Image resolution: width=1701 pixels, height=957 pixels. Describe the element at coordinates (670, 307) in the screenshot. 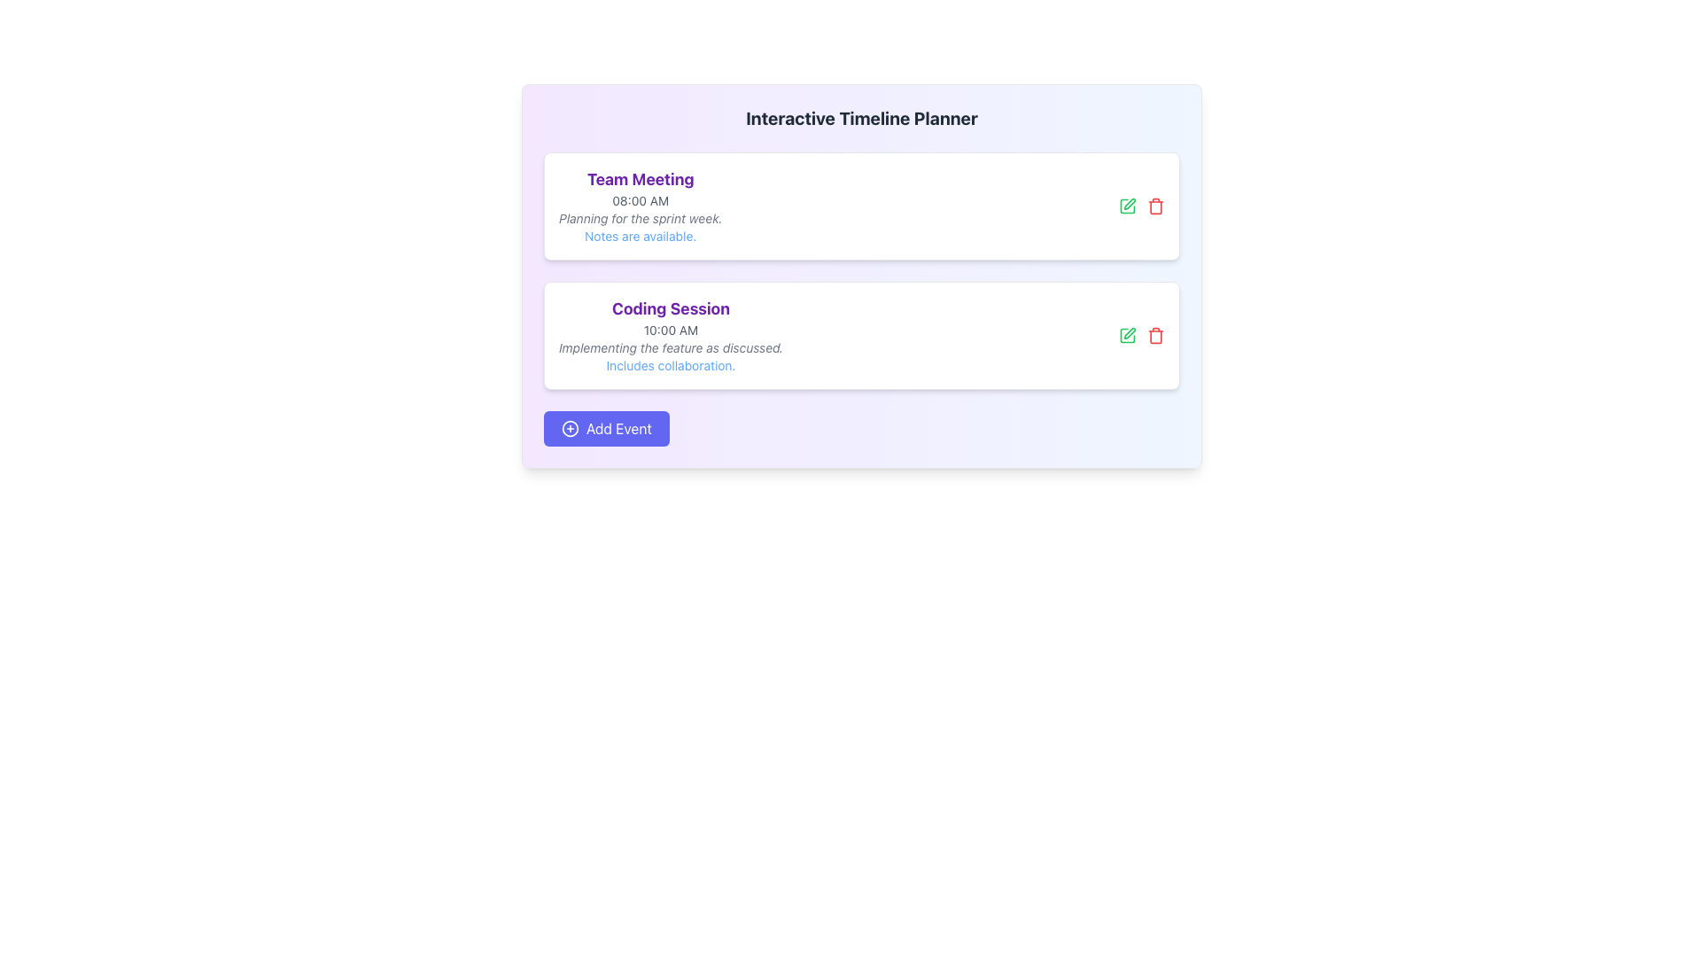

I see `the Text Label that identifies the event as 'Coding Session', located at the top of the second event card in the Interactive Timeline Planner` at that location.